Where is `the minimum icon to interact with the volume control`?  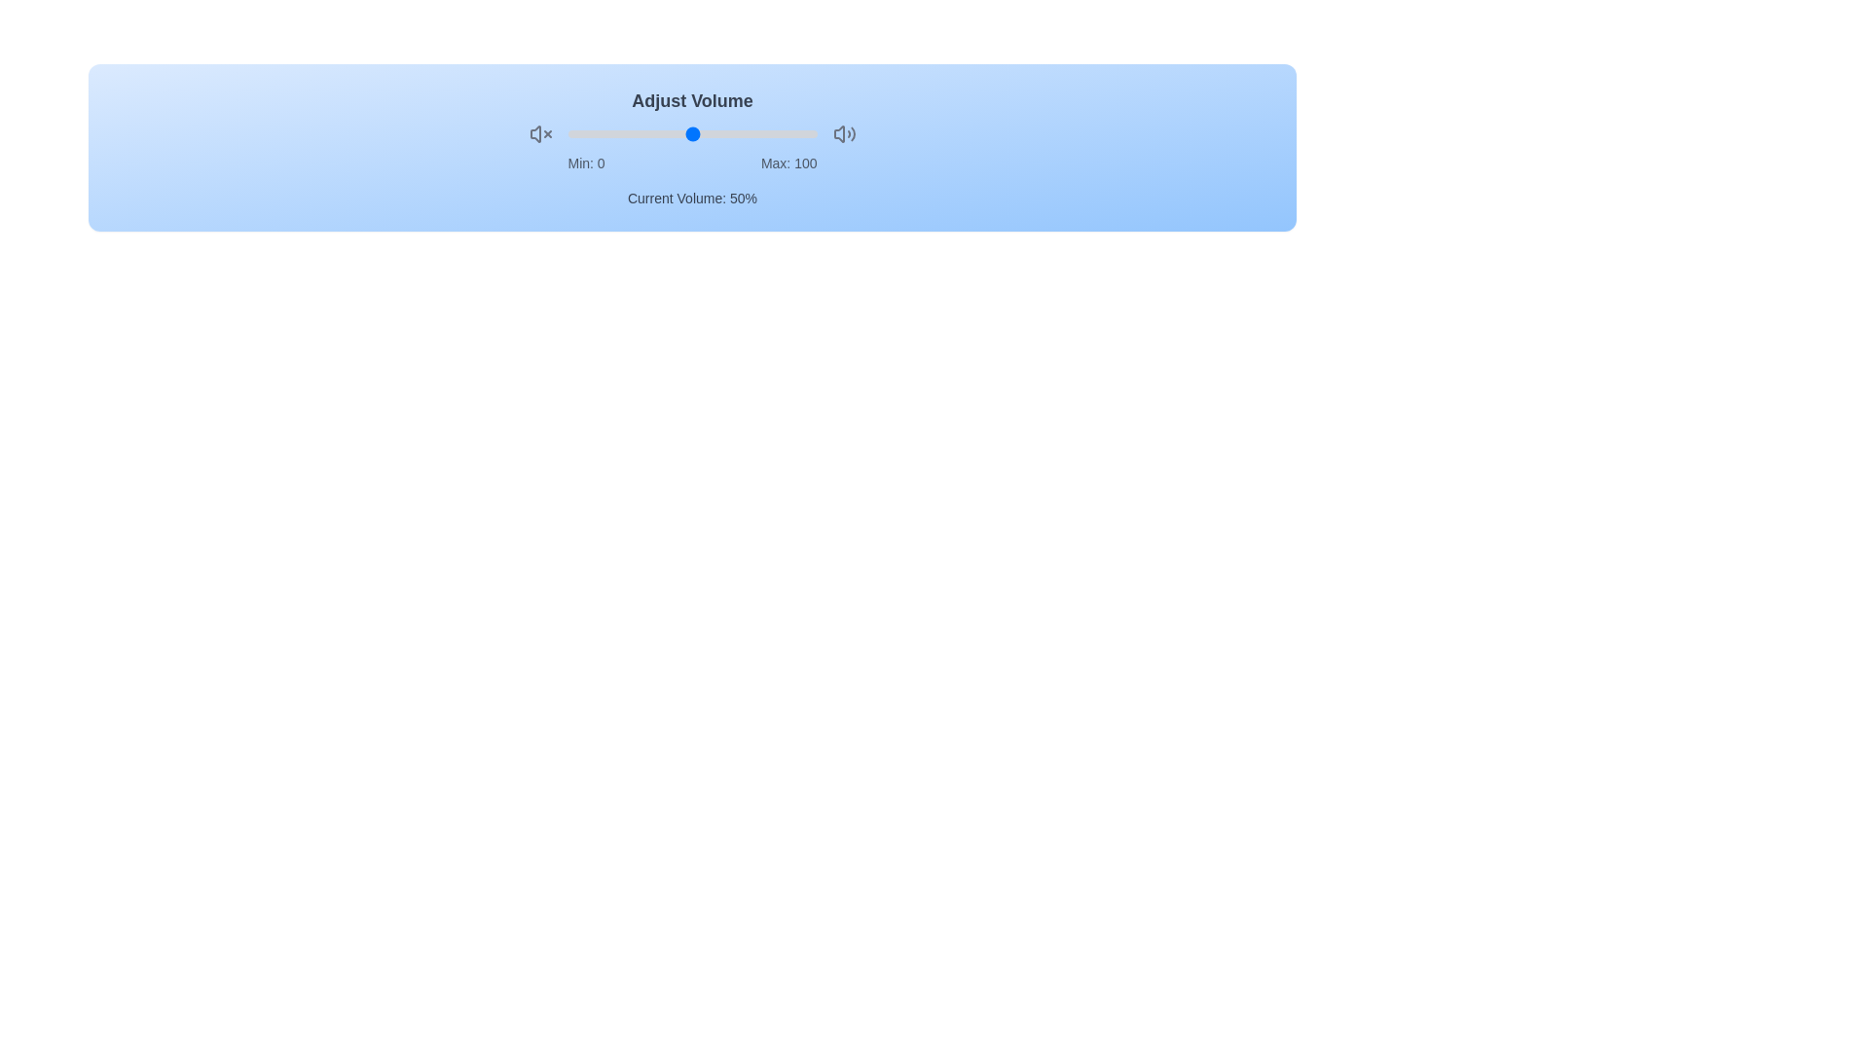
the minimum icon to interact with the volume control is located at coordinates (540, 133).